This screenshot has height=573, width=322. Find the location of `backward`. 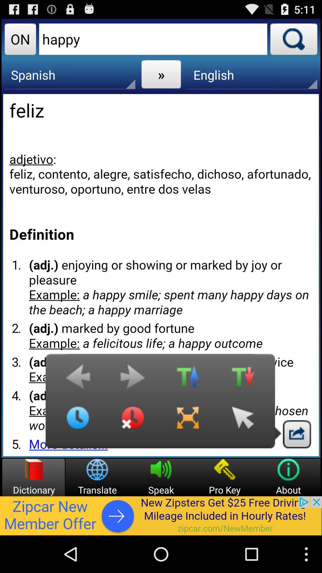

backward is located at coordinates (78, 379).